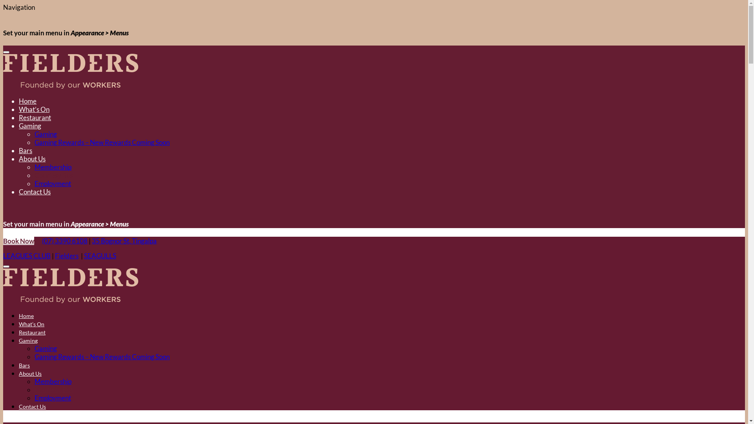  Describe the element at coordinates (30, 373) in the screenshot. I see `'About Us'` at that location.